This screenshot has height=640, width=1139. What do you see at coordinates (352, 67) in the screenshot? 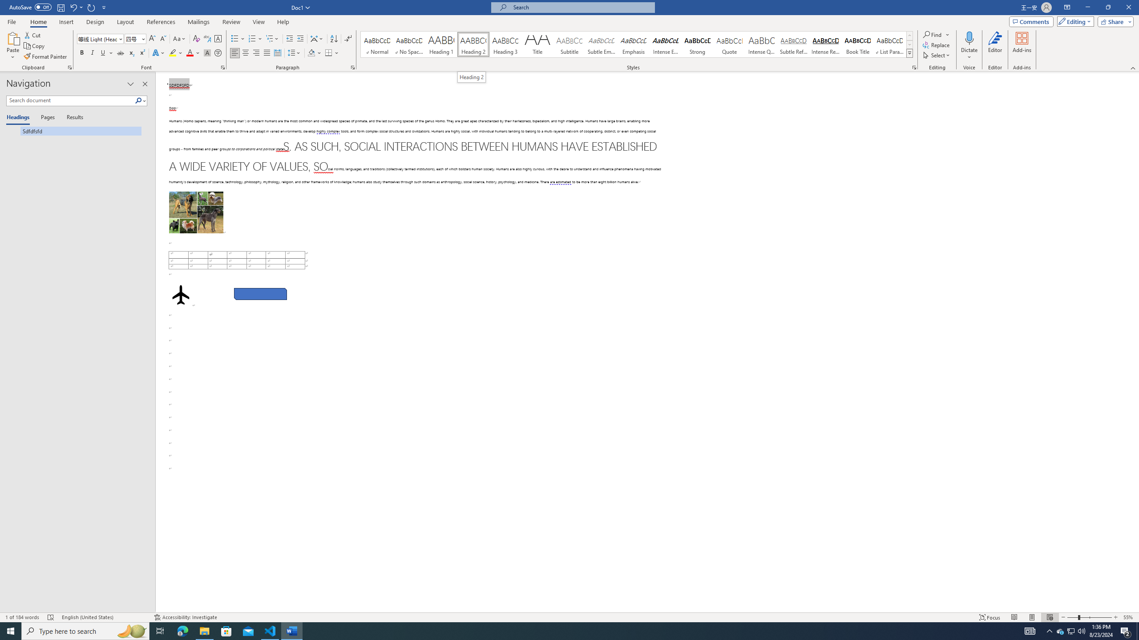
I see `'Paragraph...'` at bounding box center [352, 67].